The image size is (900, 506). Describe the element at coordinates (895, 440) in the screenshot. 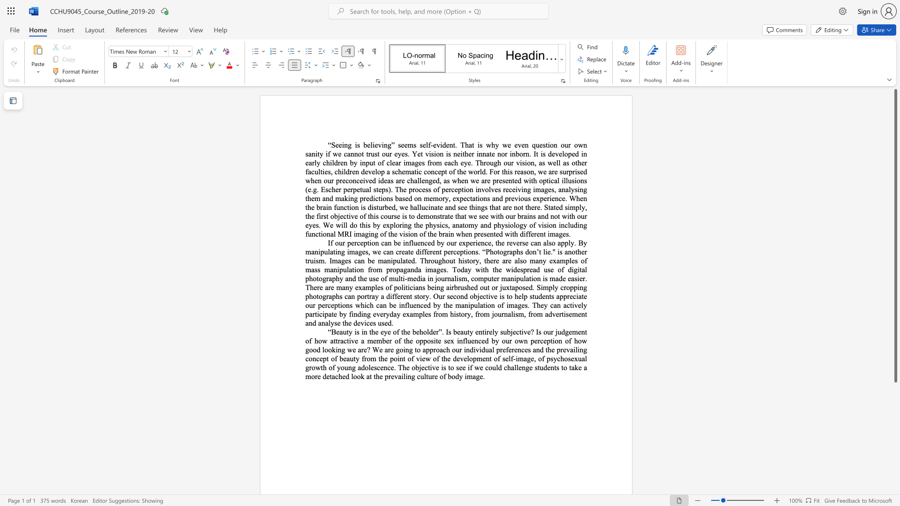

I see `the scrollbar to move the content lower` at that location.